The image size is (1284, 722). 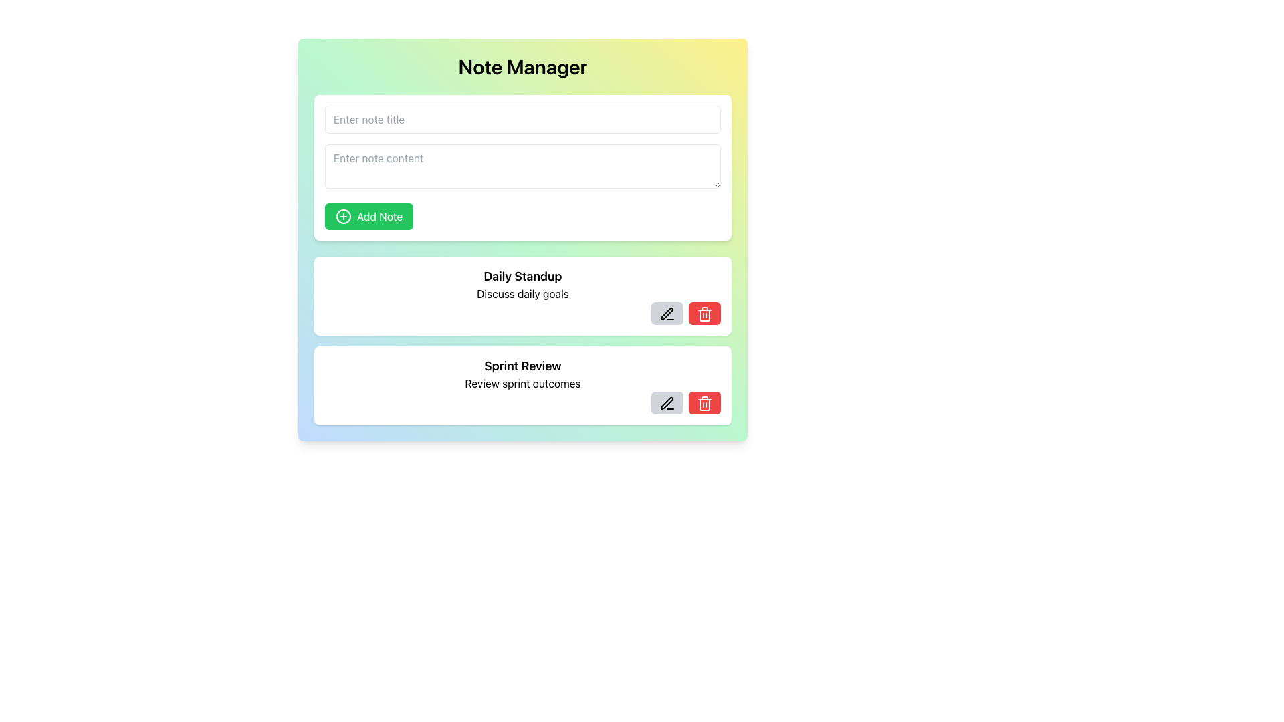 I want to click on the text element that provides additional context about the 'Sprint Review' section, located beneath the header text inside the 'Sprint Review' box, so click(x=522, y=383).